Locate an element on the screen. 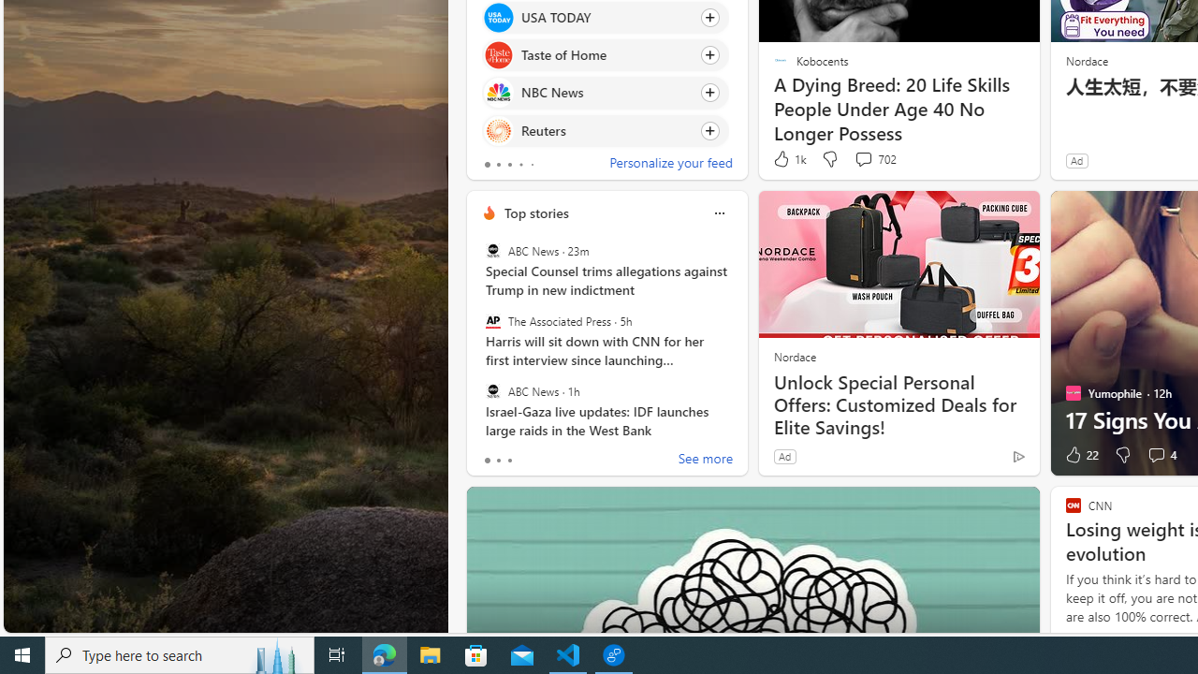 The image size is (1198, 674). 'Click to follow source Taste of Home' is located at coordinates (606, 54).